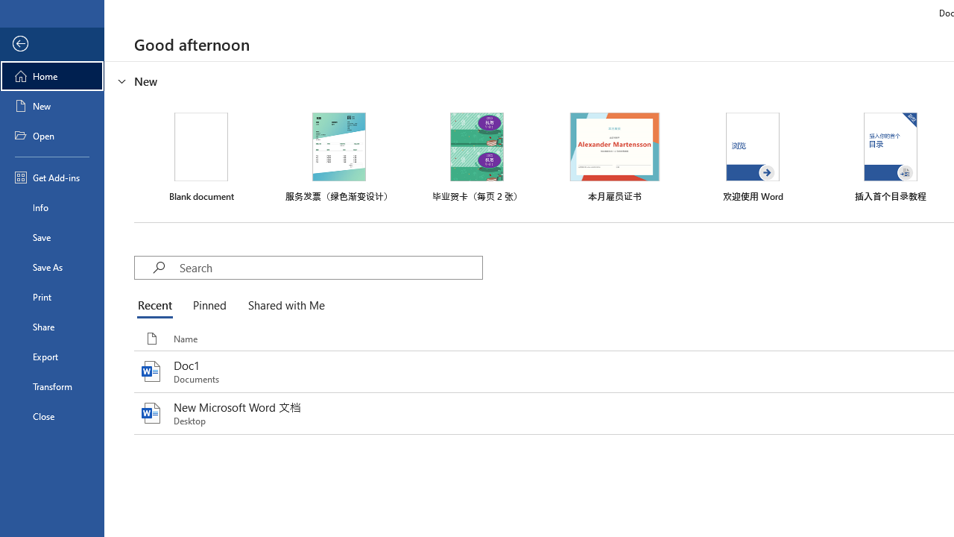  Describe the element at coordinates (51, 386) in the screenshot. I see `'Transform'` at that location.